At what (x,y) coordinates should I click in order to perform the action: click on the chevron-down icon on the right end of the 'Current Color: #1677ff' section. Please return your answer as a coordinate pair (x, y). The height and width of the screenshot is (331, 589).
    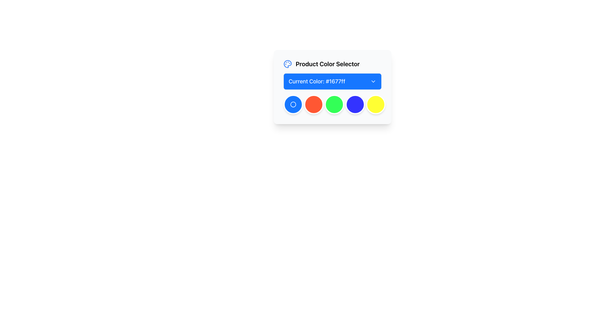
    Looking at the image, I should click on (373, 81).